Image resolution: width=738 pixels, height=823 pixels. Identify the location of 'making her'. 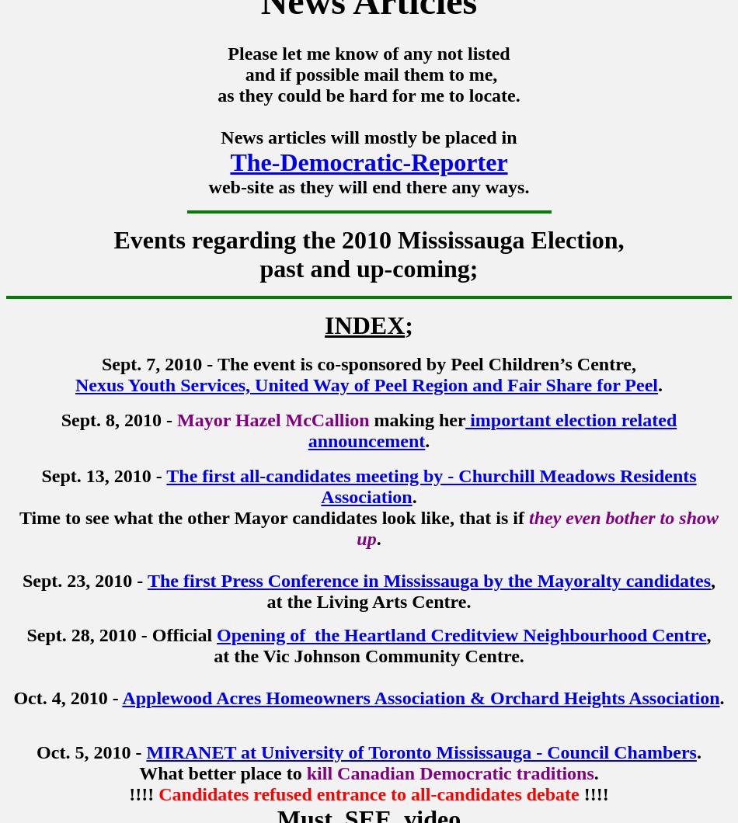
(419, 420).